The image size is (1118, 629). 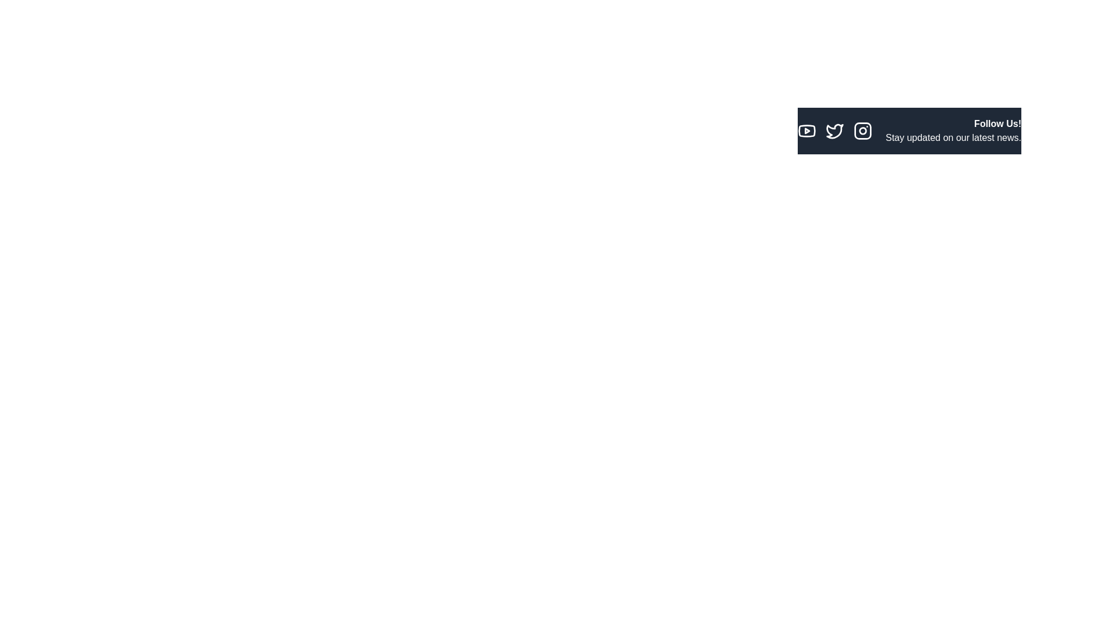 What do you see at coordinates (806, 130) in the screenshot?
I see `the YouTube play button icon, which features a dark background and a white triangular play icon at its center` at bounding box center [806, 130].